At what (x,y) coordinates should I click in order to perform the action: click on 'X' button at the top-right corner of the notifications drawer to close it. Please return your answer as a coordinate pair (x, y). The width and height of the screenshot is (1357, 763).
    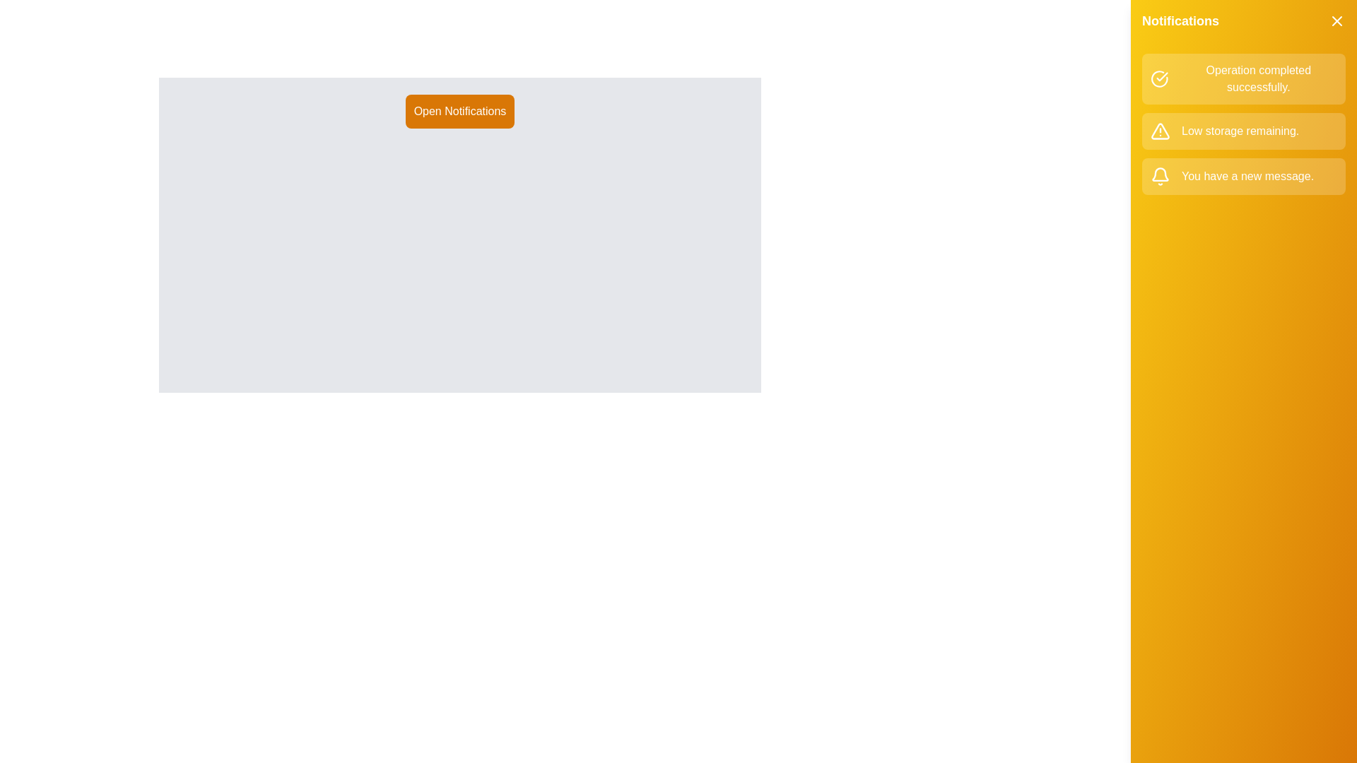
    Looking at the image, I should click on (1336, 21).